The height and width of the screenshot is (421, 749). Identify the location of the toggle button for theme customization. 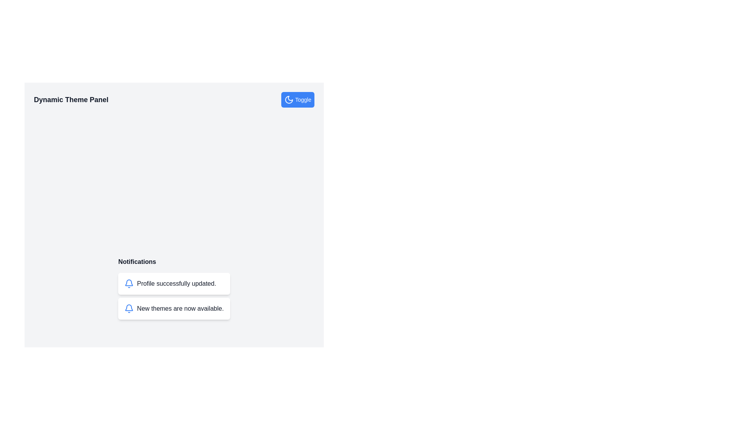
(297, 99).